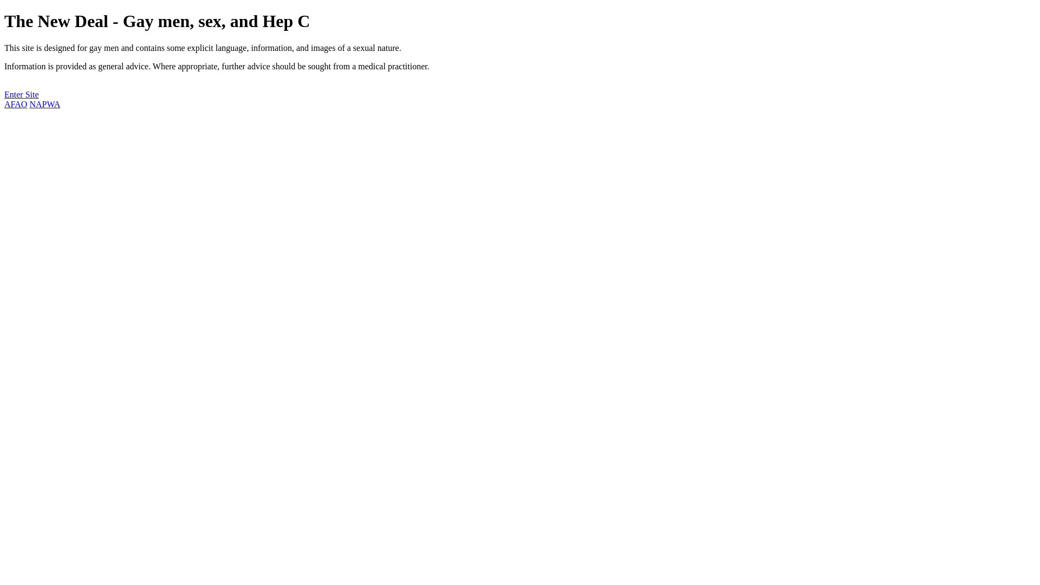  What do you see at coordinates (44, 104) in the screenshot?
I see `'NAPWA'` at bounding box center [44, 104].